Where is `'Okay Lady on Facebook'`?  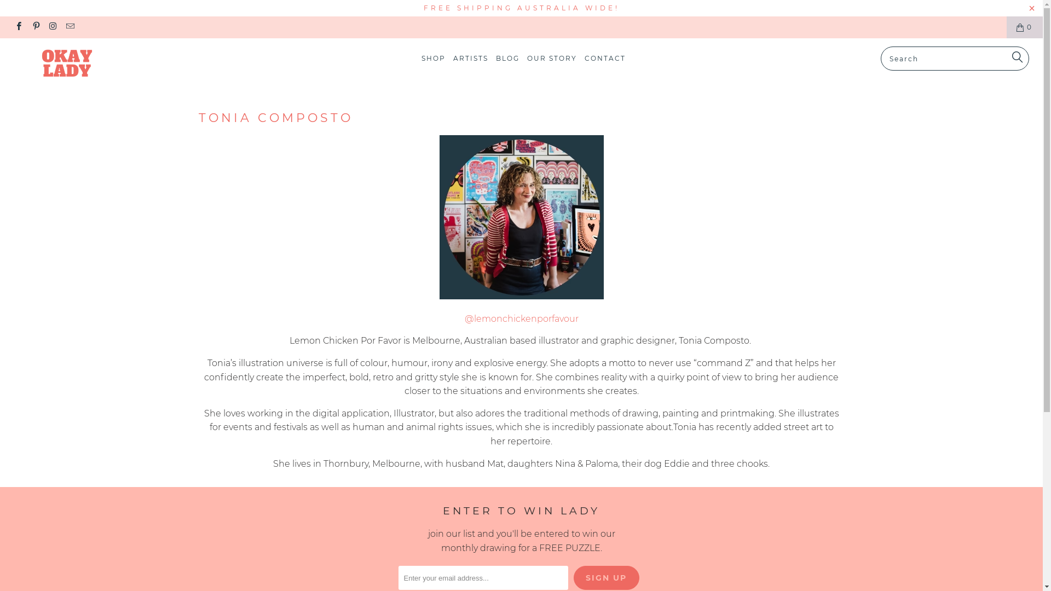
'Okay Lady on Facebook' is located at coordinates (18, 26).